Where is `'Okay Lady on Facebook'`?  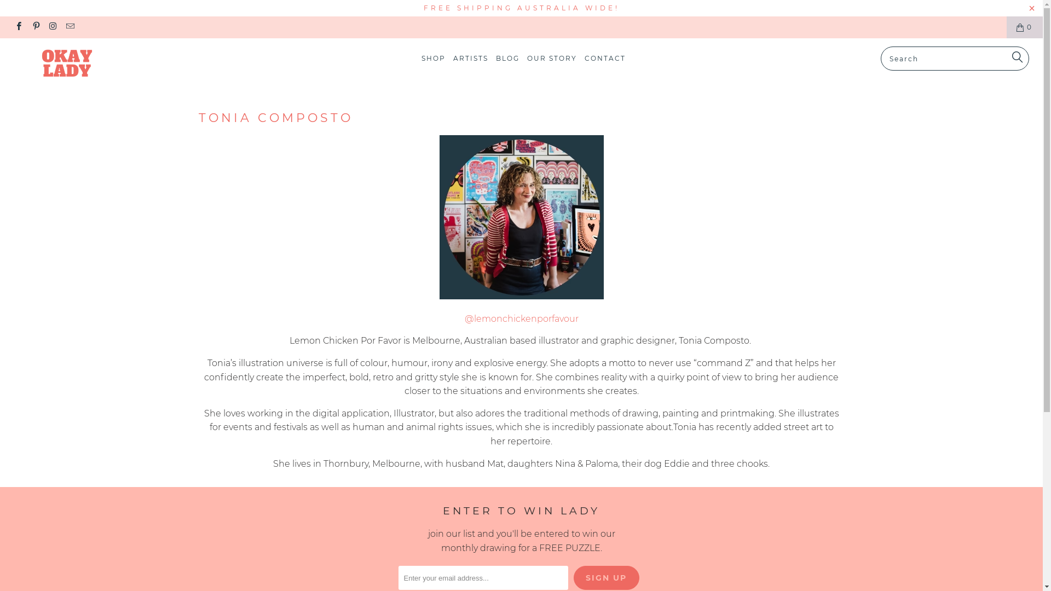
'Okay Lady on Facebook' is located at coordinates (18, 26).